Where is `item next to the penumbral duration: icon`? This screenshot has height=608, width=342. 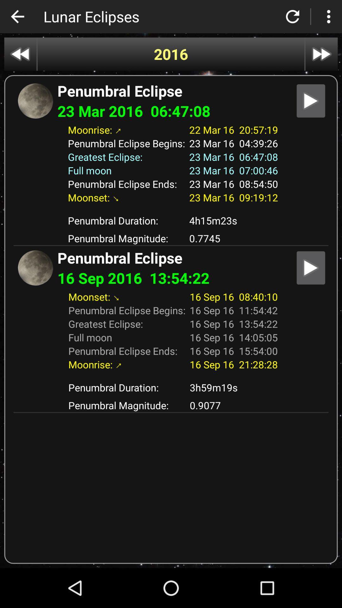
item next to the penumbral duration: icon is located at coordinates (233, 220).